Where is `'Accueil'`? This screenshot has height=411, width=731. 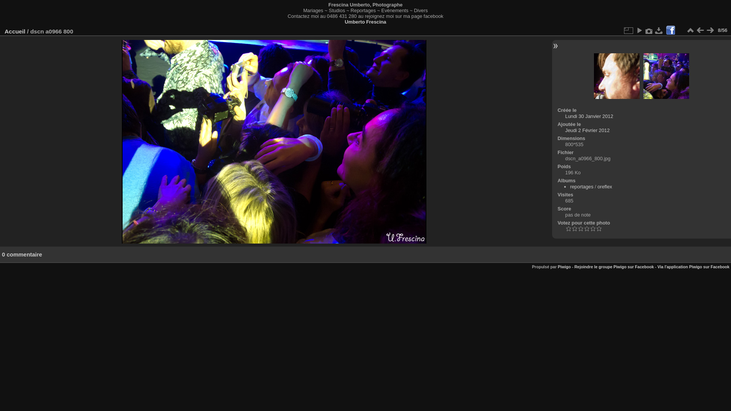 'Accueil' is located at coordinates (15, 31).